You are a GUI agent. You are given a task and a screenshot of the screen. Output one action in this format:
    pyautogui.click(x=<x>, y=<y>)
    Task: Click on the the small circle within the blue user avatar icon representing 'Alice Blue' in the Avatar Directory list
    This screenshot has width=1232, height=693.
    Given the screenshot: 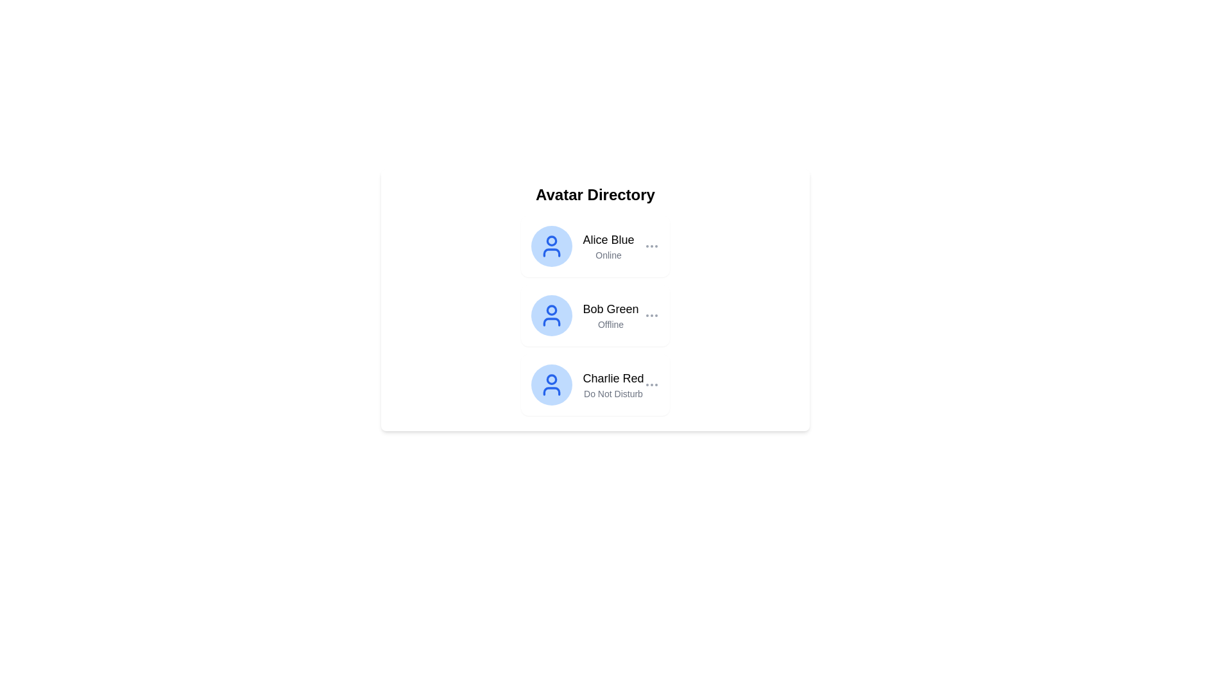 What is the action you would take?
    pyautogui.click(x=552, y=241)
    